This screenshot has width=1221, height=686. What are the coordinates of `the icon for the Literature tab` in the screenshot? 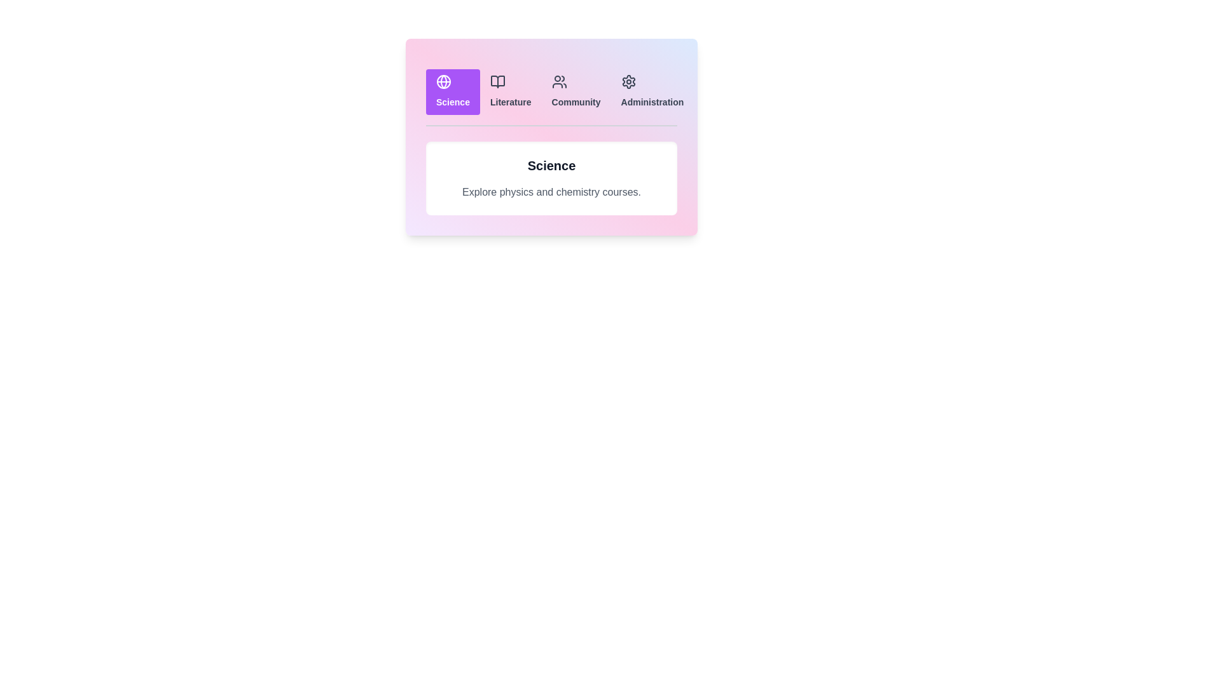 It's located at (497, 81).